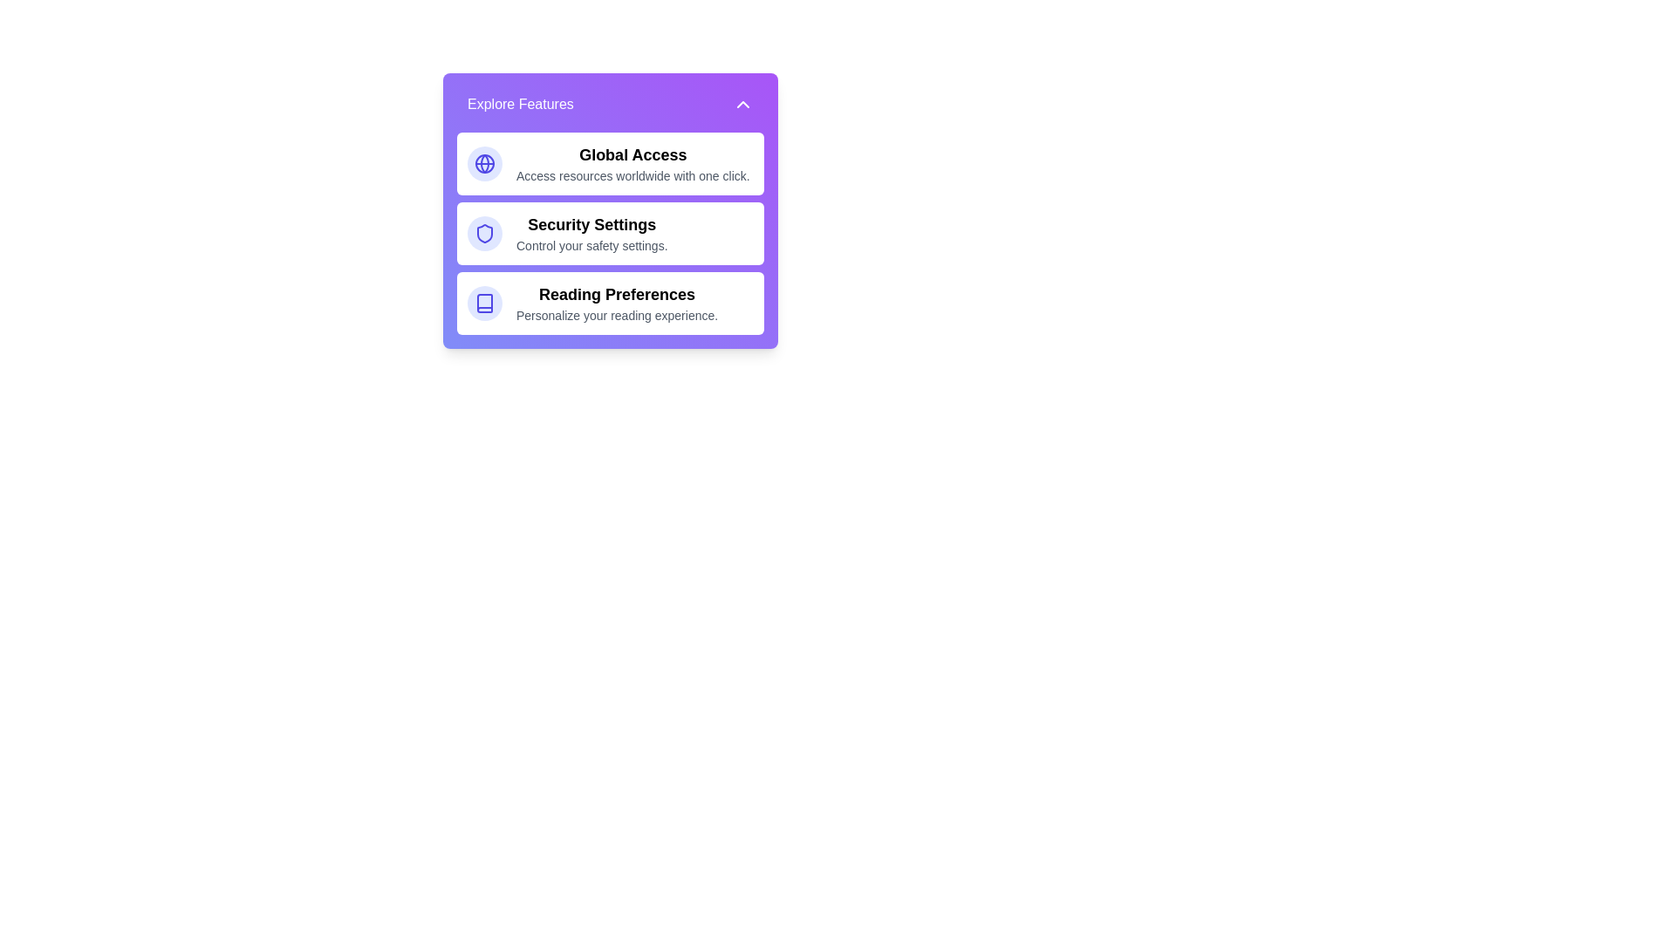 The height and width of the screenshot is (942, 1675). Describe the element at coordinates (611, 232) in the screenshot. I see `the second card in the vertical list labeled 'Explore Features'` at that location.